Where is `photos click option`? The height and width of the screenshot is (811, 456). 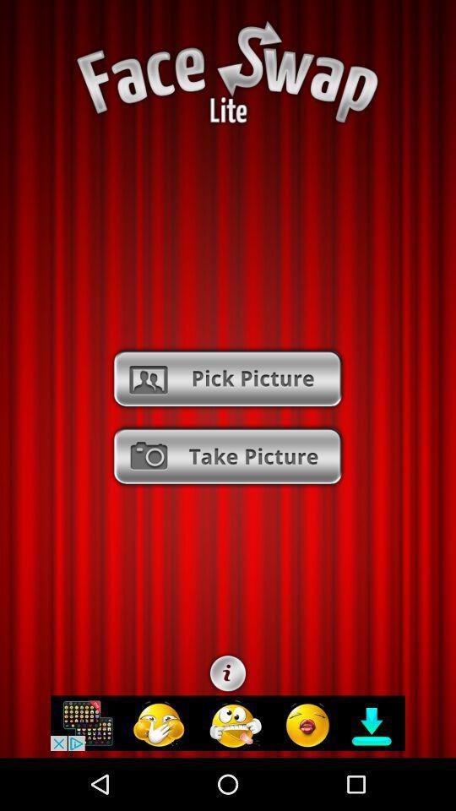
photos click option is located at coordinates (227, 378).